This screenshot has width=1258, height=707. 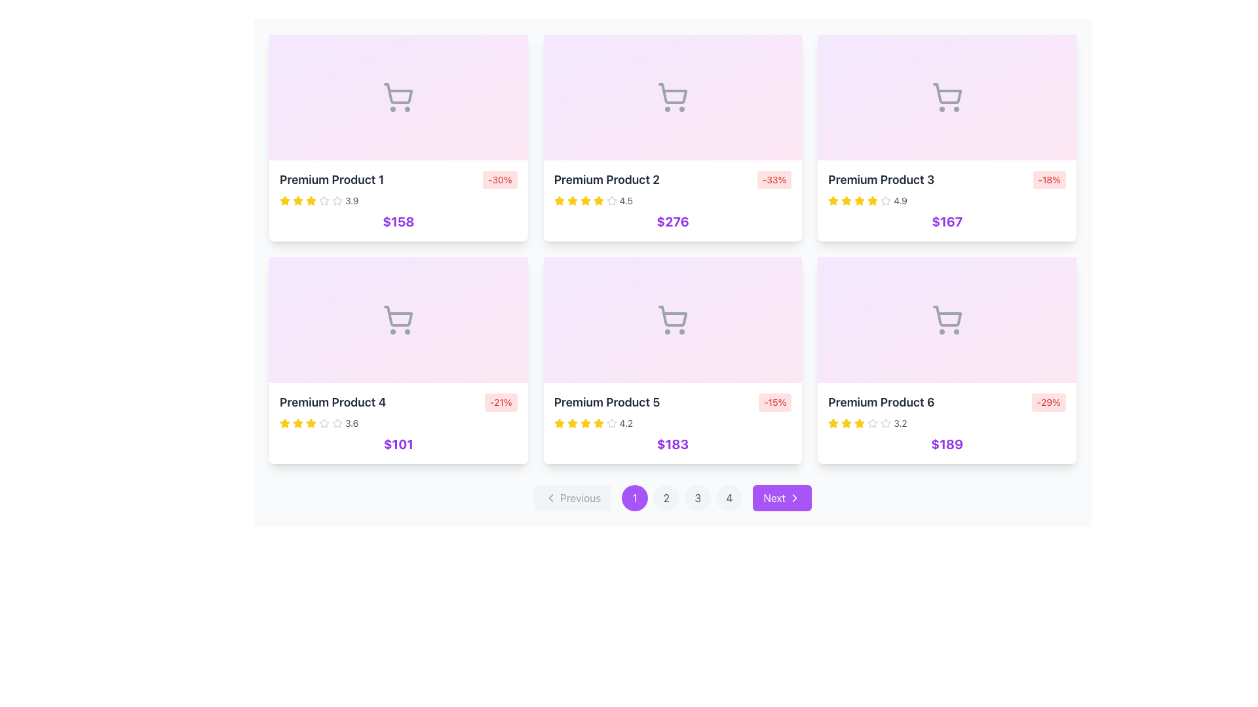 What do you see at coordinates (324, 423) in the screenshot?
I see `the third hollow grey star icon in the rating component beneath the product title 'Premium Product 4'` at bounding box center [324, 423].